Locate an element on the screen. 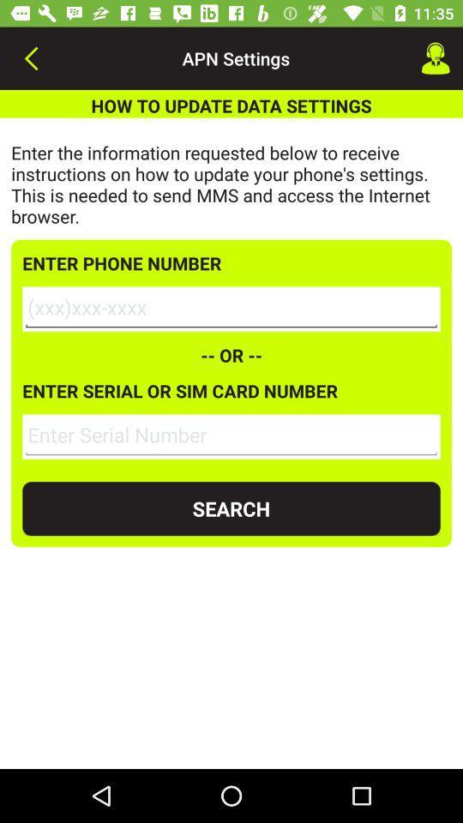 The height and width of the screenshot is (823, 463). the item to the left of apn settings is located at coordinates (31, 58).